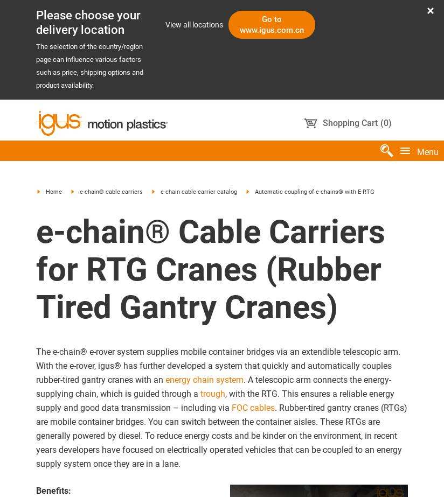  What do you see at coordinates (89, 66) in the screenshot?
I see `'The selection of the country/region page can influence various factors such as price, shipping options and product availability.'` at bounding box center [89, 66].